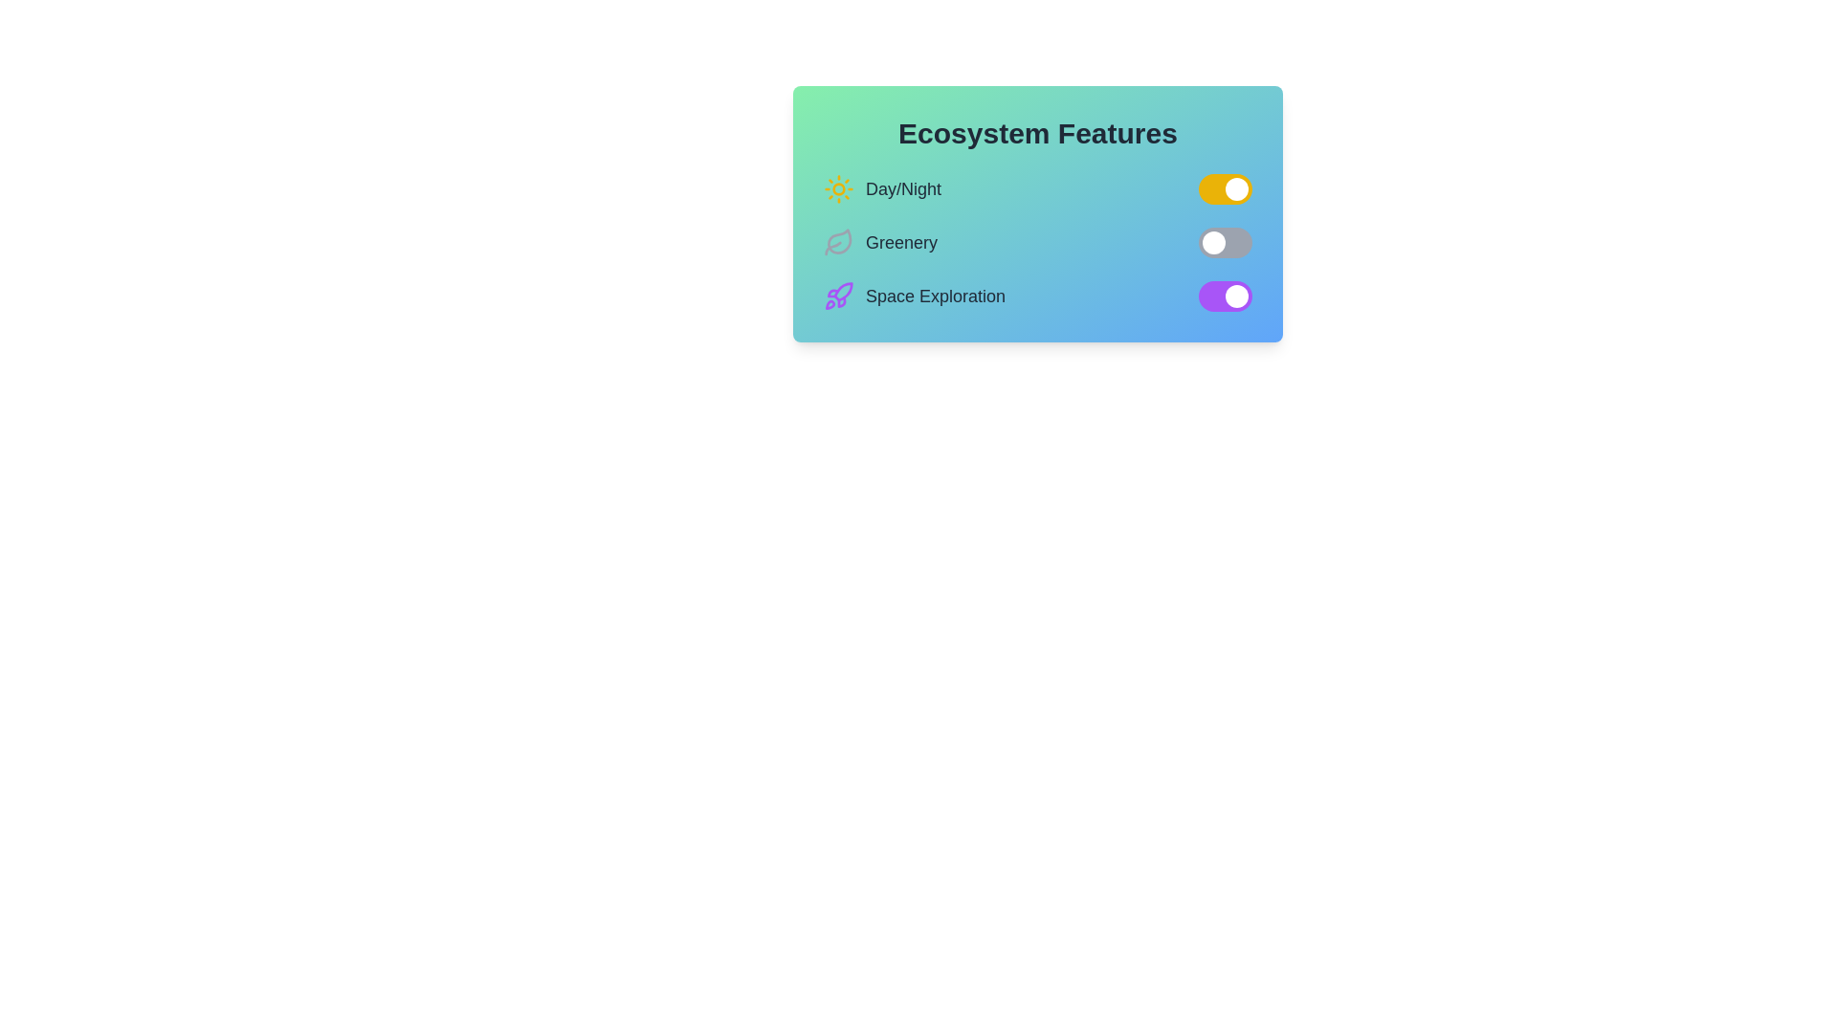 This screenshot has height=1033, width=1837. I want to click on the 'Day/Night' toggle row in the 'Ecosystem Features' section, so click(1036, 188).